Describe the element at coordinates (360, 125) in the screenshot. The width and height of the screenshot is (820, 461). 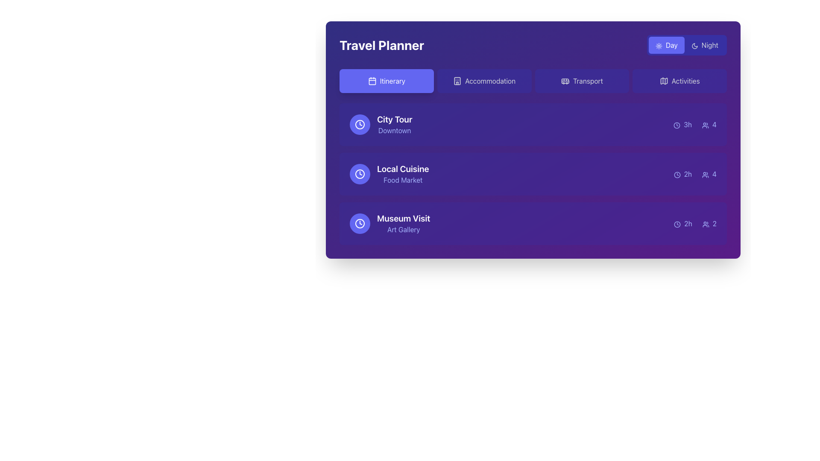
I see `the circular clock icon with a white outline and a blue rounded background, located in the first row preceding the 'City Tour' label` at that location.